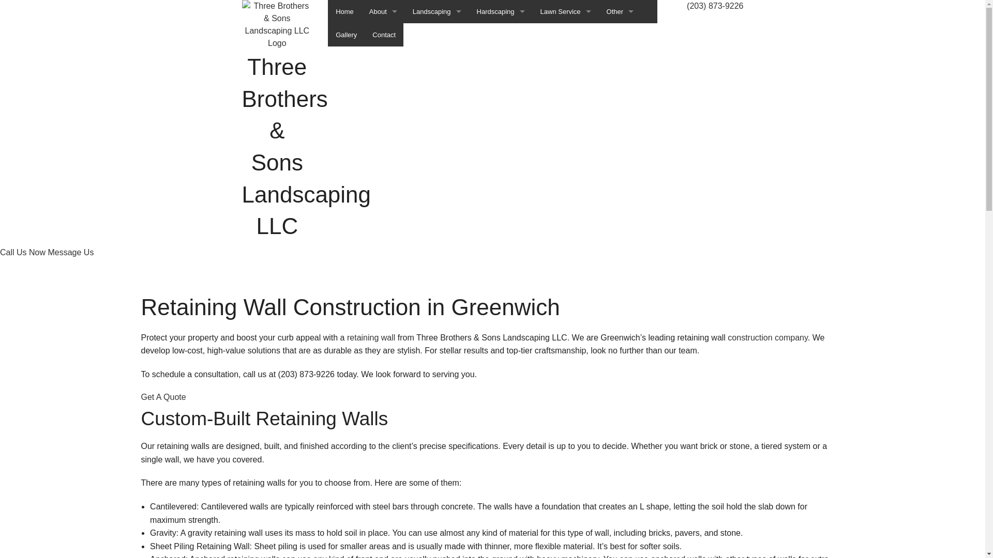 This screenshot has width=993, height=558. What do you see at coordinates (382, 11) in the screenshot?
I see `'About'` at bounding box center [382, 11].